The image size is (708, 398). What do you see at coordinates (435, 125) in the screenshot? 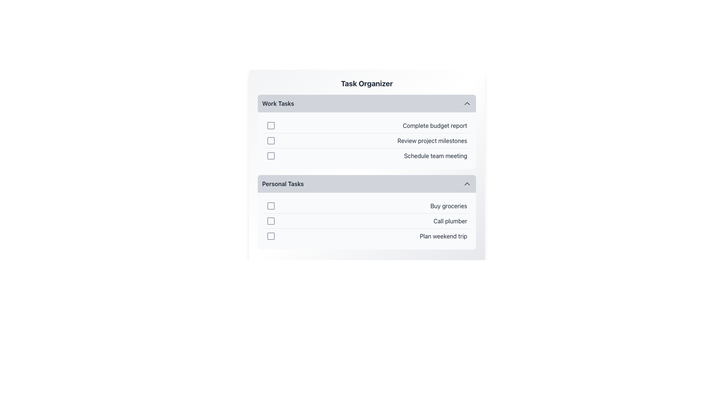
I see `the text label for the task item` at bounding box center [435, 125].